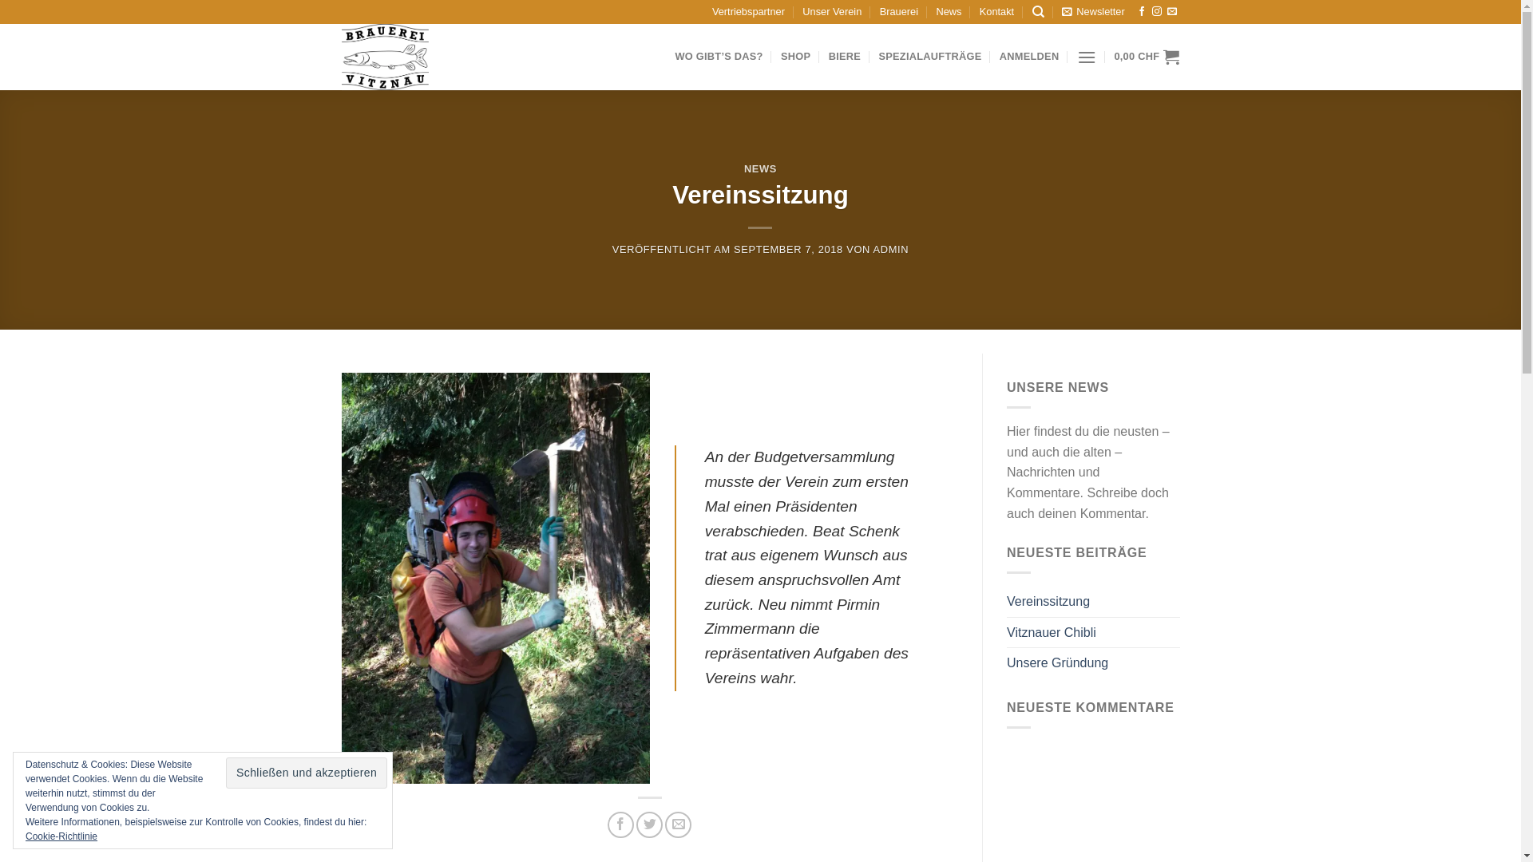 The image size is (1533, 862). What do you see at coordinates (1145, 55) in the screenshot?
I see `'0,00 CHF'` at bounding box center [1145, 55].